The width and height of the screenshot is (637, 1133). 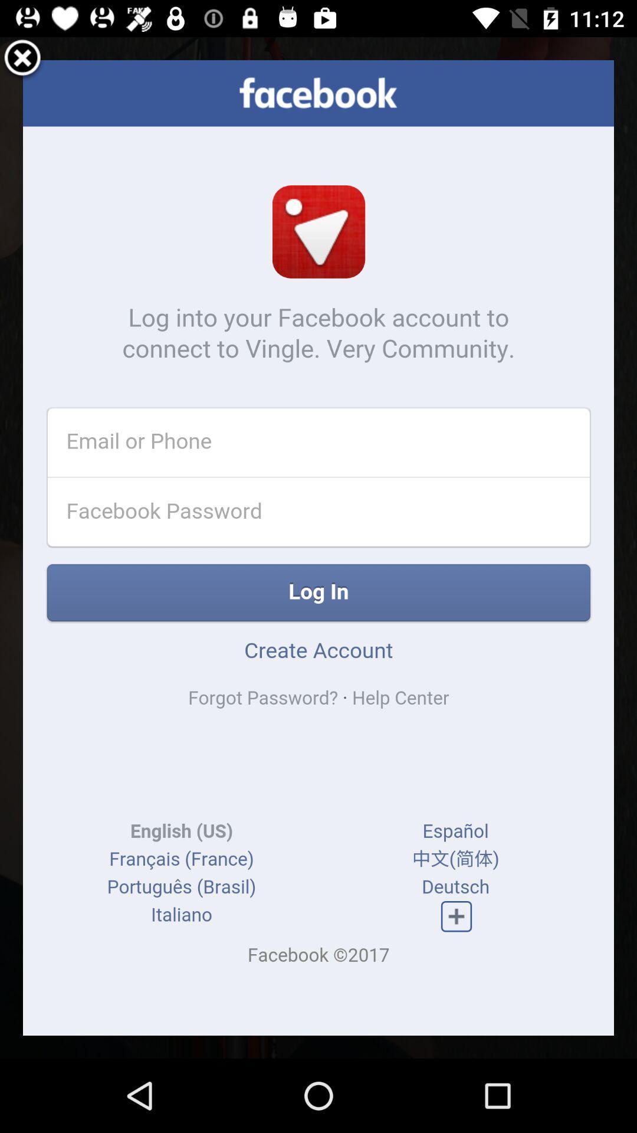 What do you see at coordinates (22, 59) in the screenshot?
I see `page` at bounding box center [22, 59].